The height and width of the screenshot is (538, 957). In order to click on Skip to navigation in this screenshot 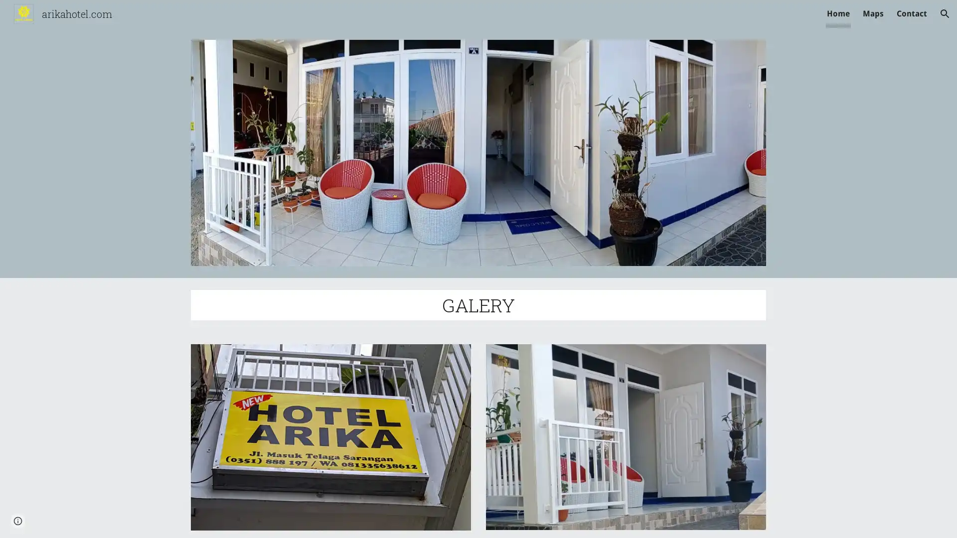, I will do `click(568, 18)`.